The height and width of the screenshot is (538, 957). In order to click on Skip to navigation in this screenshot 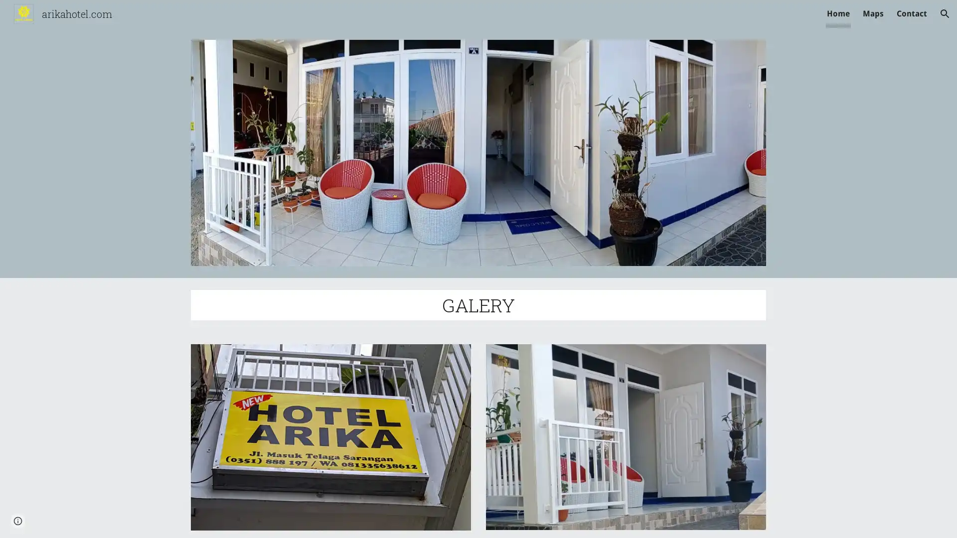, I will do `click(568, 18)`.